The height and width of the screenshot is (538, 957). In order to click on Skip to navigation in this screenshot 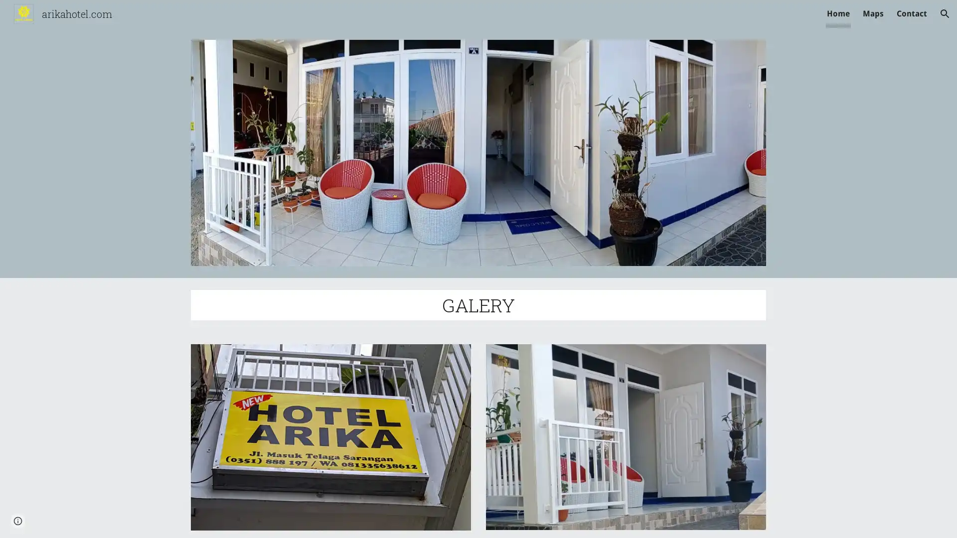, I will do `click(568, 18)`.